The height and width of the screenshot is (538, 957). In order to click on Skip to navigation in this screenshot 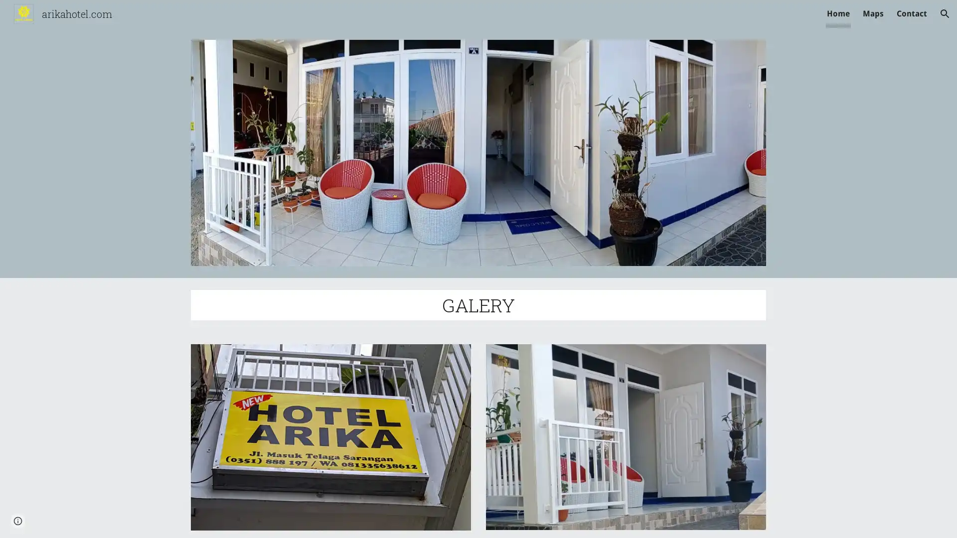, I will do `click(568, 18)`.